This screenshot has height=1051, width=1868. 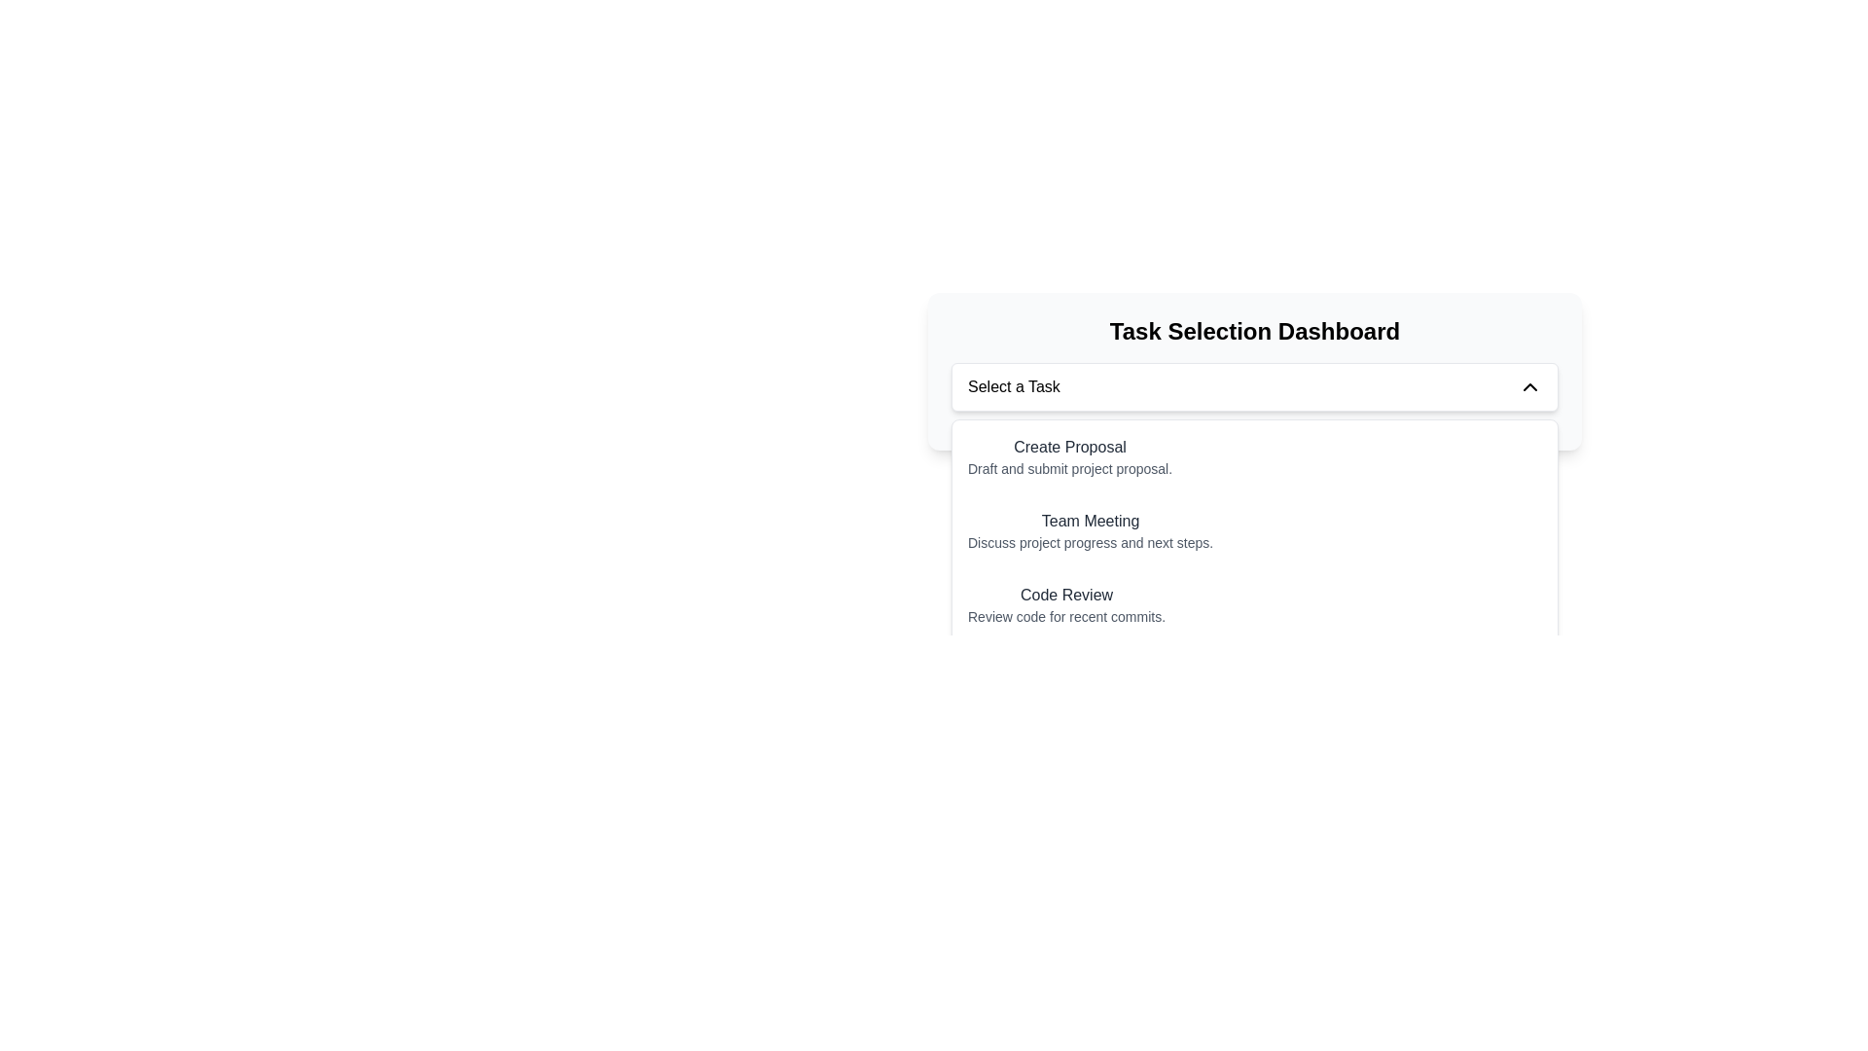 What do you see at coordinates (1065, 603) in the screenshot?
I see `the third option in the 'Select a Task' dropdown menu labeled for code review` at bounding box center [1065, 603].